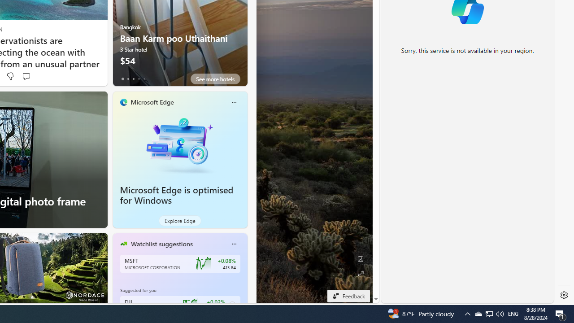  What do you see at coordinates (127, 79) in the screenshot?
I see `'tab-1'` at bounding box center [127, 79].